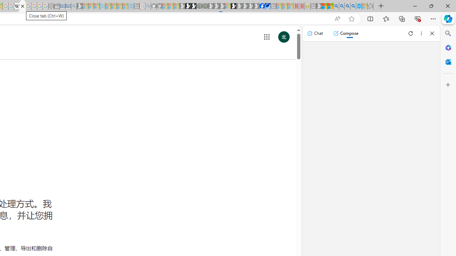  Describe the element at coordinates (204, 6) in the screenshot. I see `'Future Focus Report 2024 - Sleeping'` at that location.